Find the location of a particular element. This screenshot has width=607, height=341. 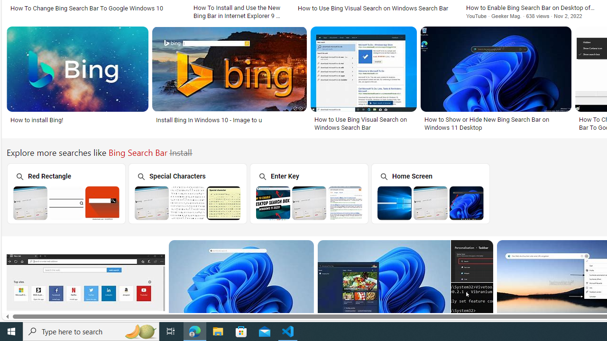

'Special Characters' is located at coordinates (187, 193).